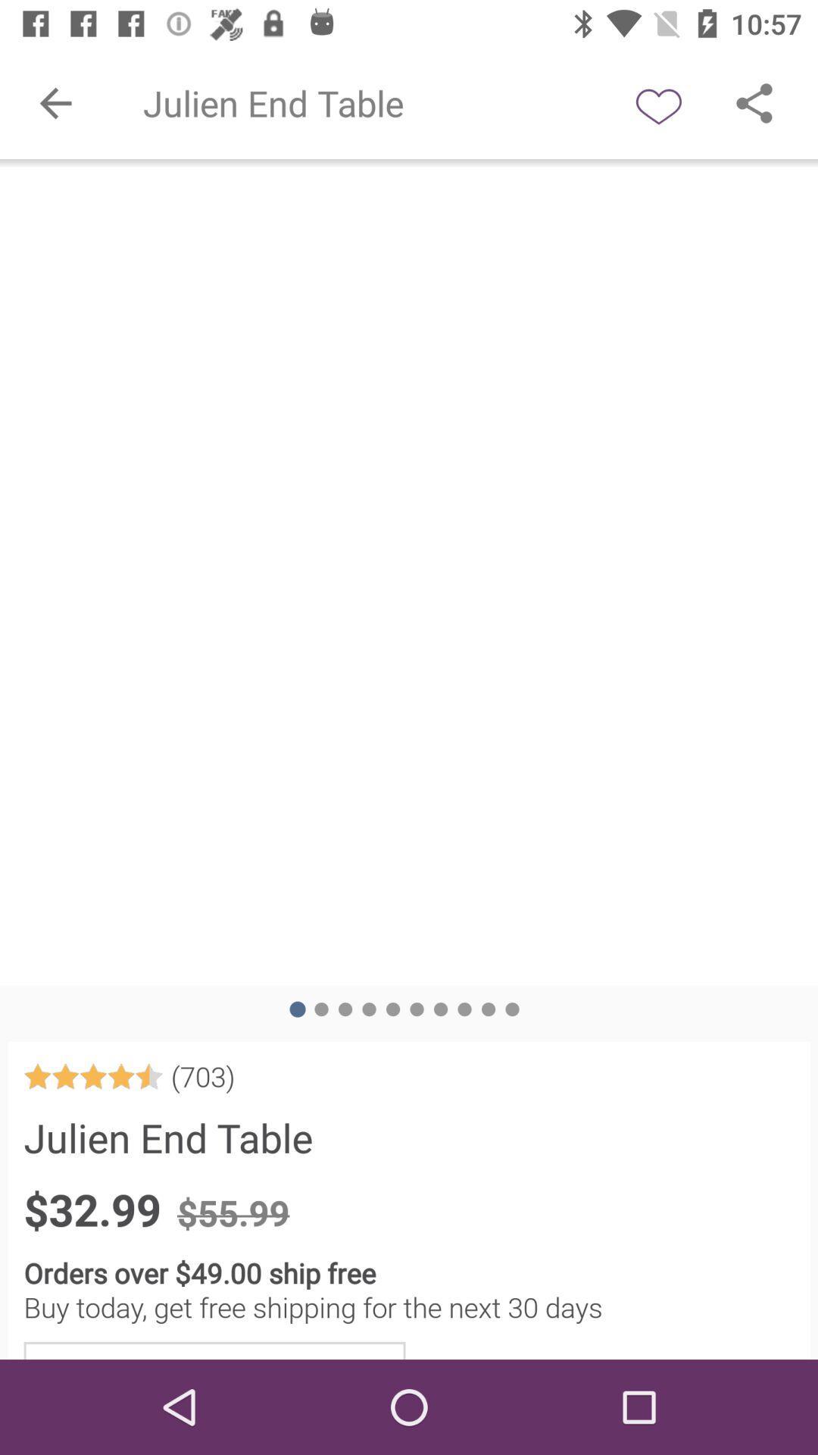 Image resolution: width=818 pixels, height=1455 pixels. I want to click on to favorites, so click(658, 102).